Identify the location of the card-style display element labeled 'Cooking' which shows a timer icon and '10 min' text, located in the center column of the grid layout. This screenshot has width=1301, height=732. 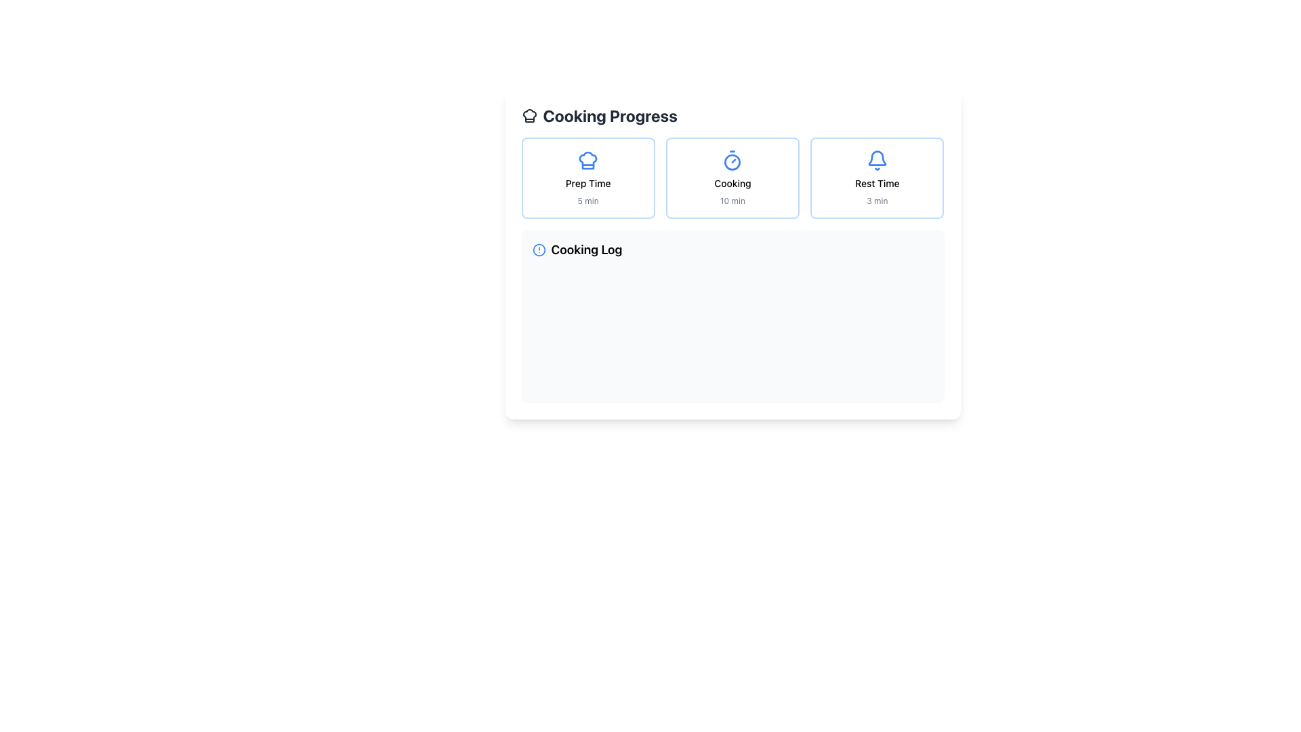
(732, 177).